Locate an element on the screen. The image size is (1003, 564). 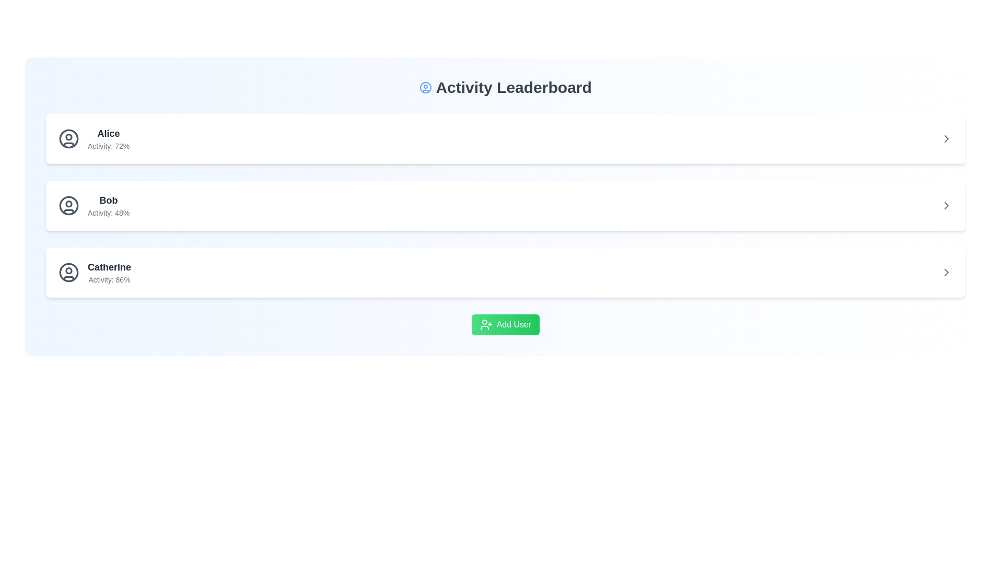
the row representing user 'Bob' in the 'Activity Leaderboard' is located at coordinates (506, 205).